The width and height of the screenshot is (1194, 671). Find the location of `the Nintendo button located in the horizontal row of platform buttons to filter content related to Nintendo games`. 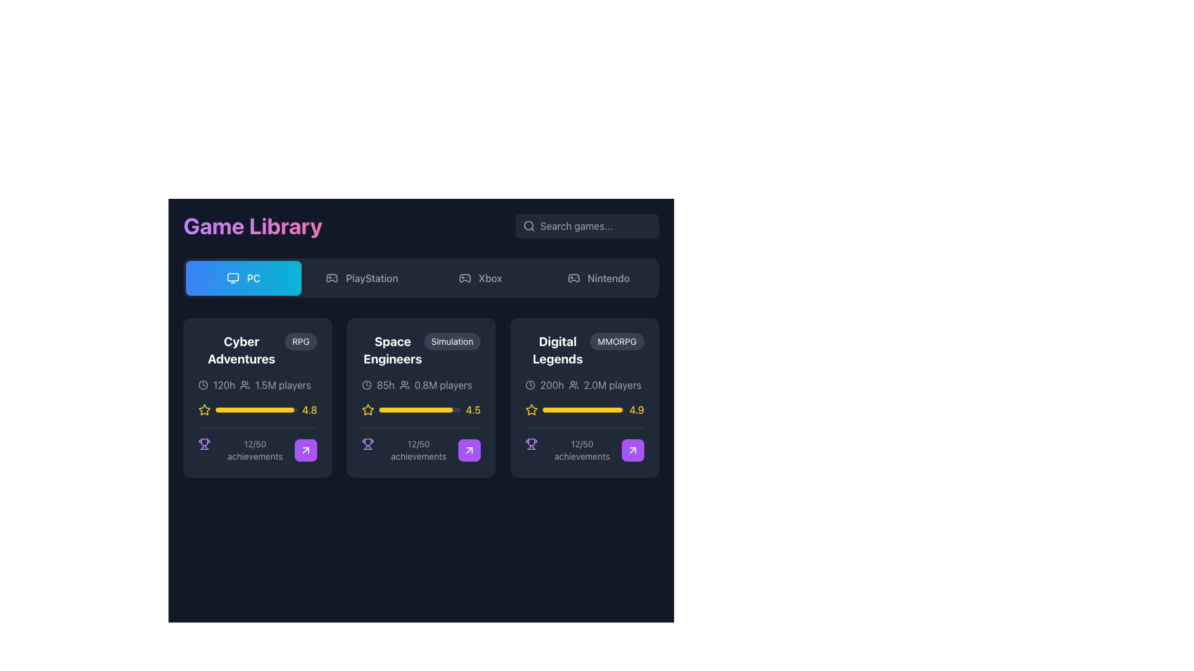

the Nintendo button located in the horizontal row of platform buttons to filter content related to Nintendo games is located at coordinates (598, 277).